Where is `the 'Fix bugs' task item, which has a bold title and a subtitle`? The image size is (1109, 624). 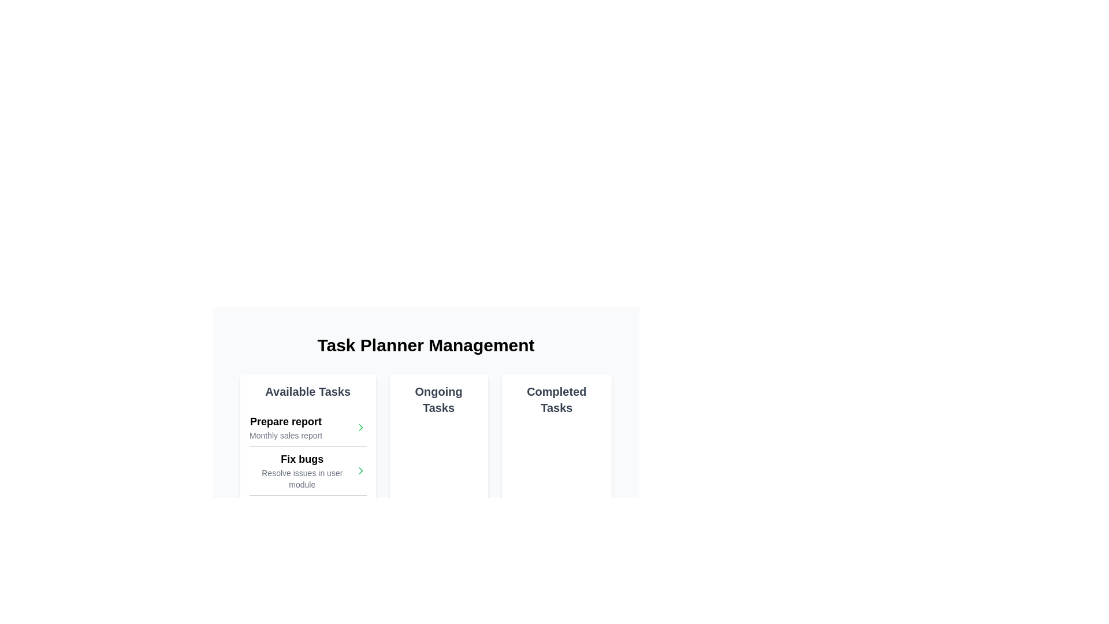
the 'Fix bugs' task item, which has a bold title and a subtitle is located at coordinates (302, 470).